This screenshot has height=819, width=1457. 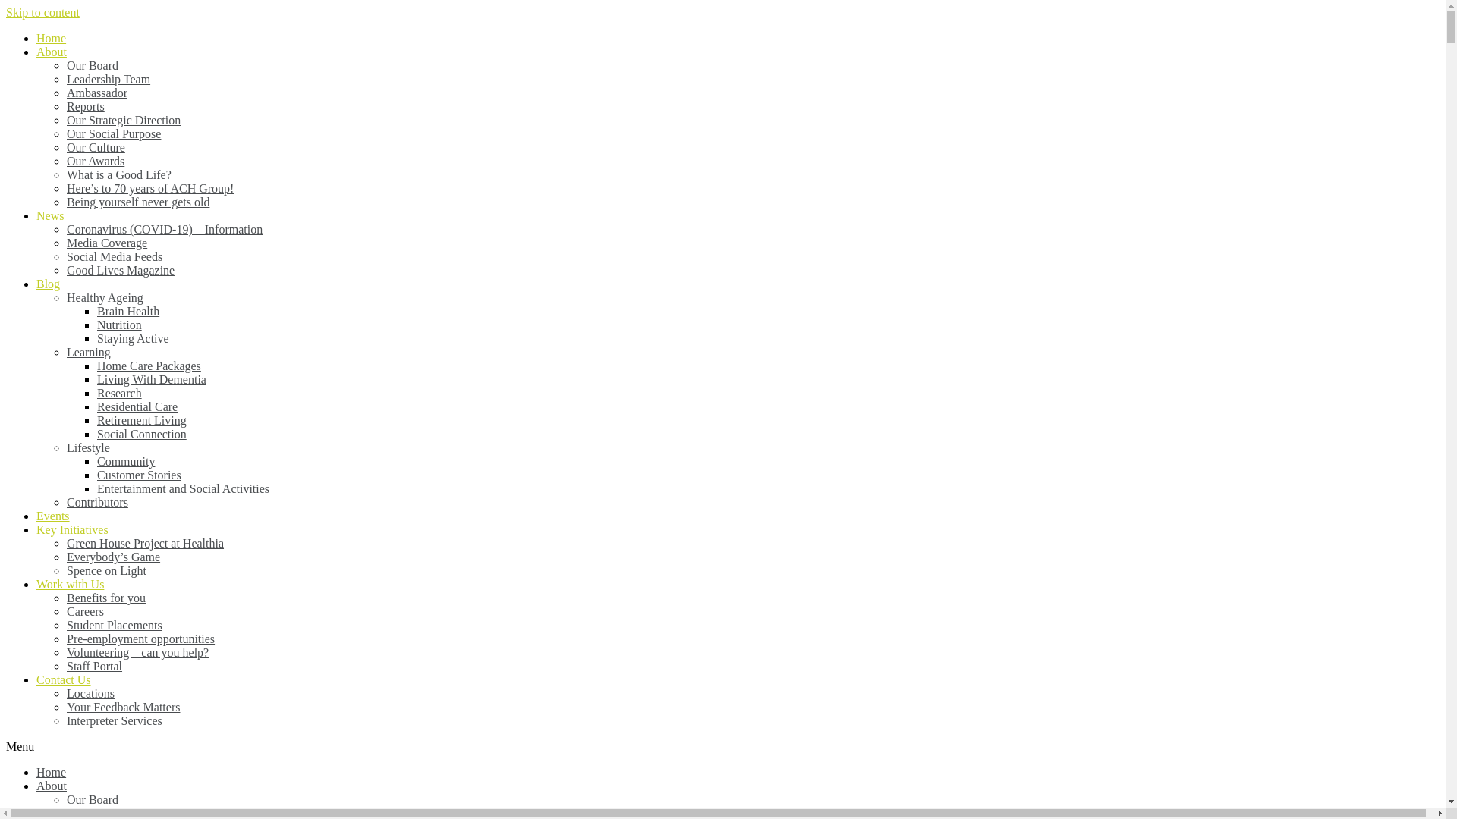 What do you see at coordinates (118, 392) in the screenshot?
I see `'Research'` at bounding box center [118, 392].